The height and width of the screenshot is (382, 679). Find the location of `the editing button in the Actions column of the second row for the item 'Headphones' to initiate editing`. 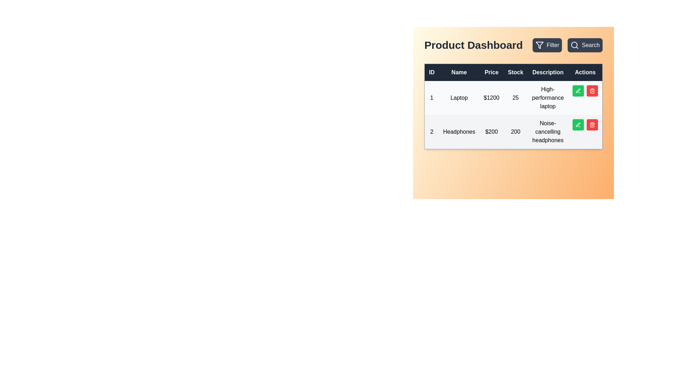

the editing button in the Actions column of the second row for the item 'Headphones' to initiate editing is located at coordinates (578, 125).